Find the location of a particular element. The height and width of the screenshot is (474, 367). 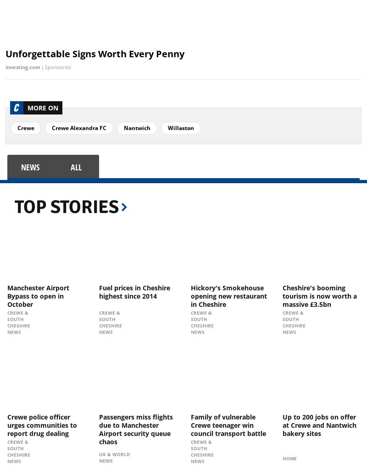

'all' is located at coordinates (76, 167).